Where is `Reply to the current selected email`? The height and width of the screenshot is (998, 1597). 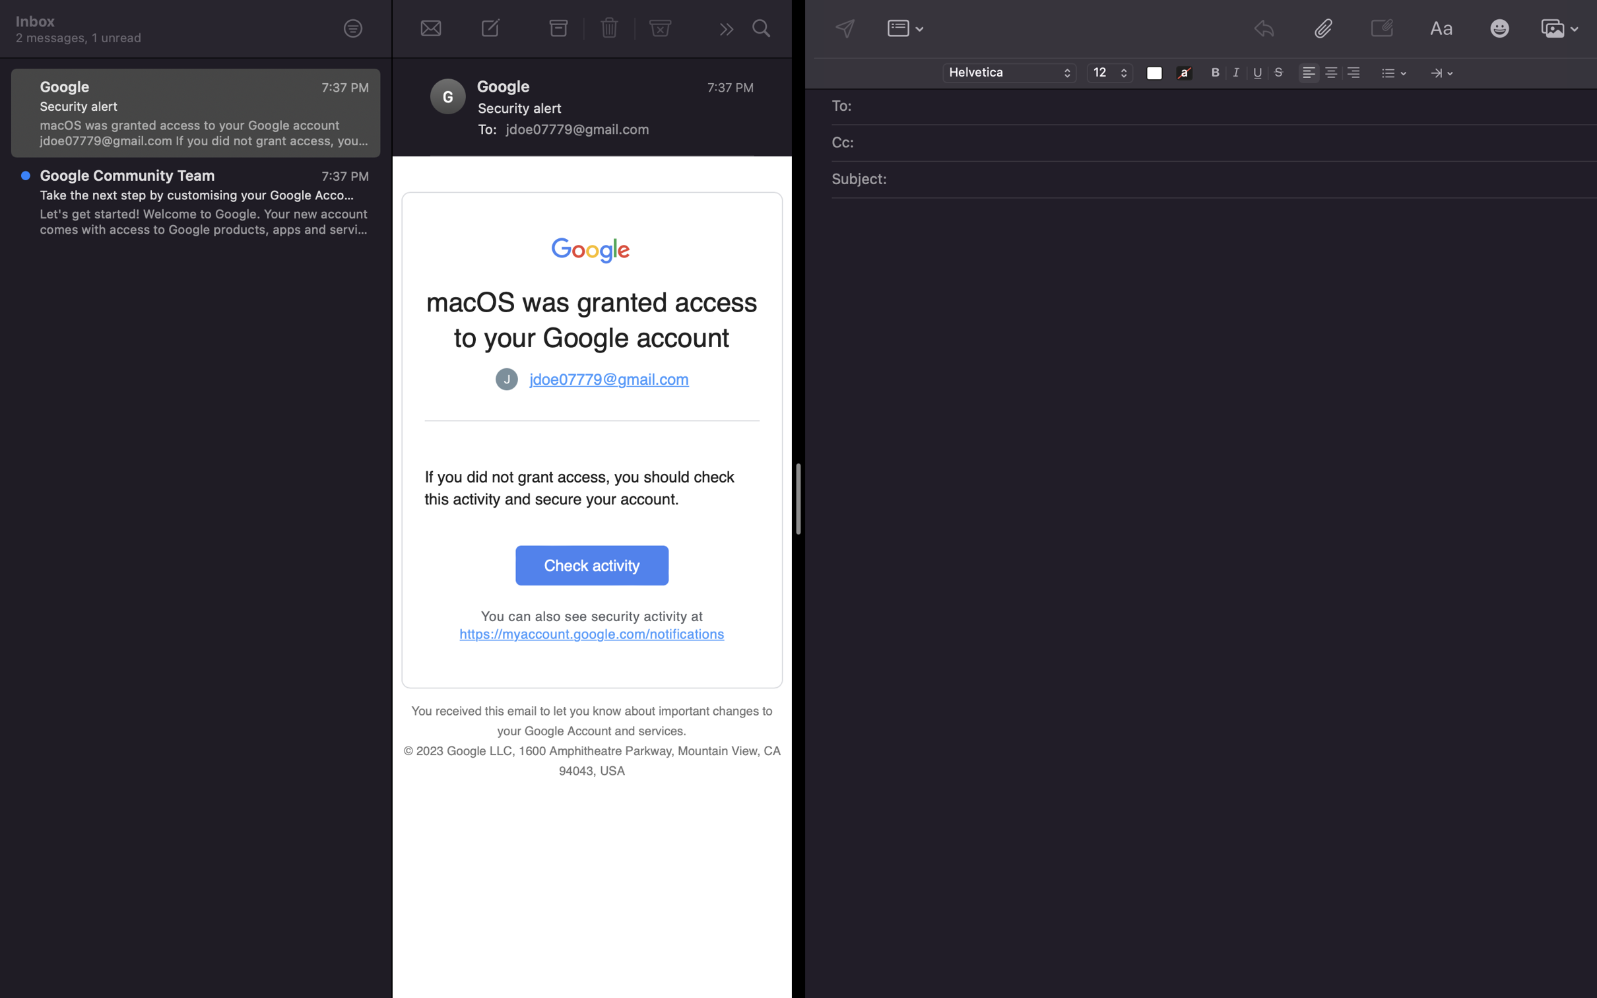
Reply to the current selected email is located at coordinates (723, 30).